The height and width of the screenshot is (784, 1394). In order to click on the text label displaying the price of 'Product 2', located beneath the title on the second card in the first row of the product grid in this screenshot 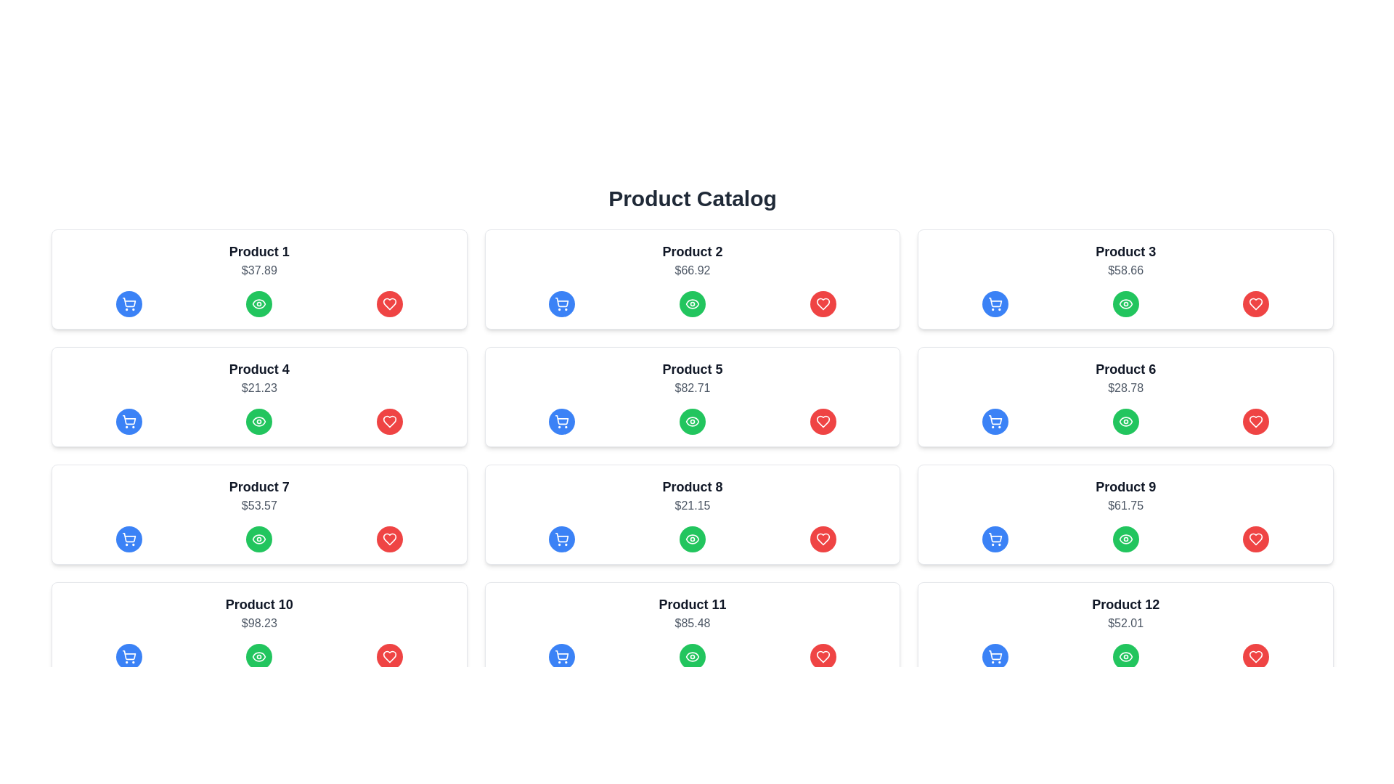, I will do `click(692, 271)`.